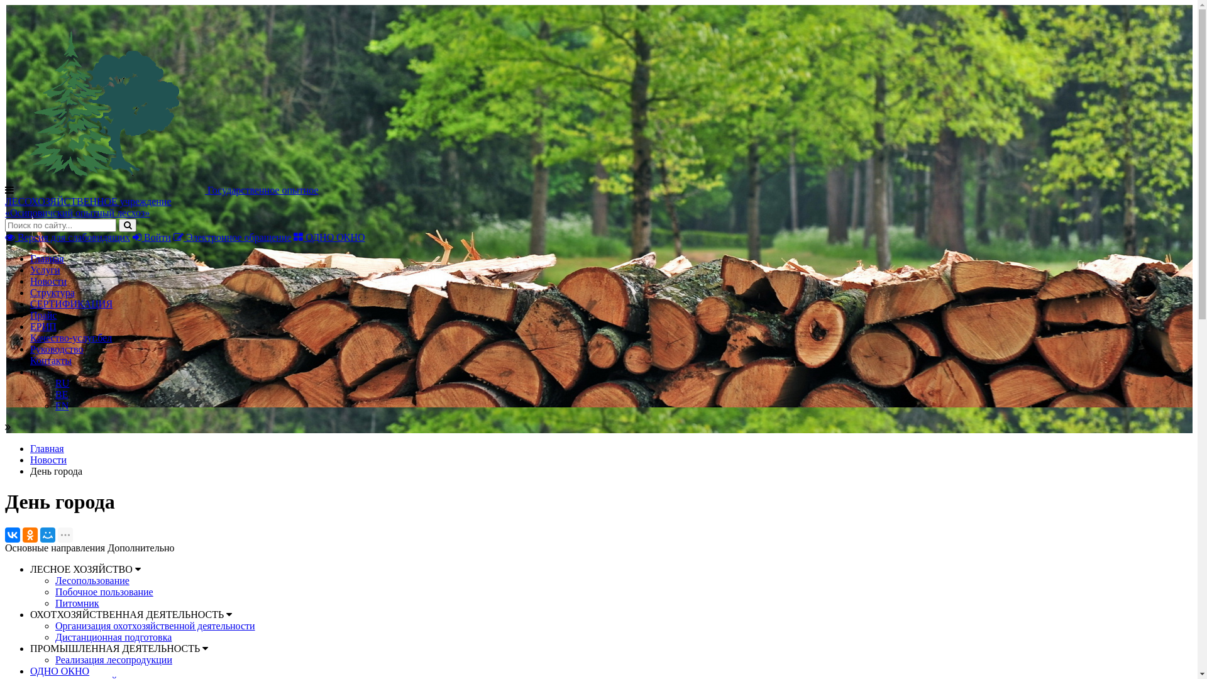 The width and height of the screenshot is (1207, 679). Describe the element at coordinates (60, 394) in the screenshot. I see `'BE'` at that location.